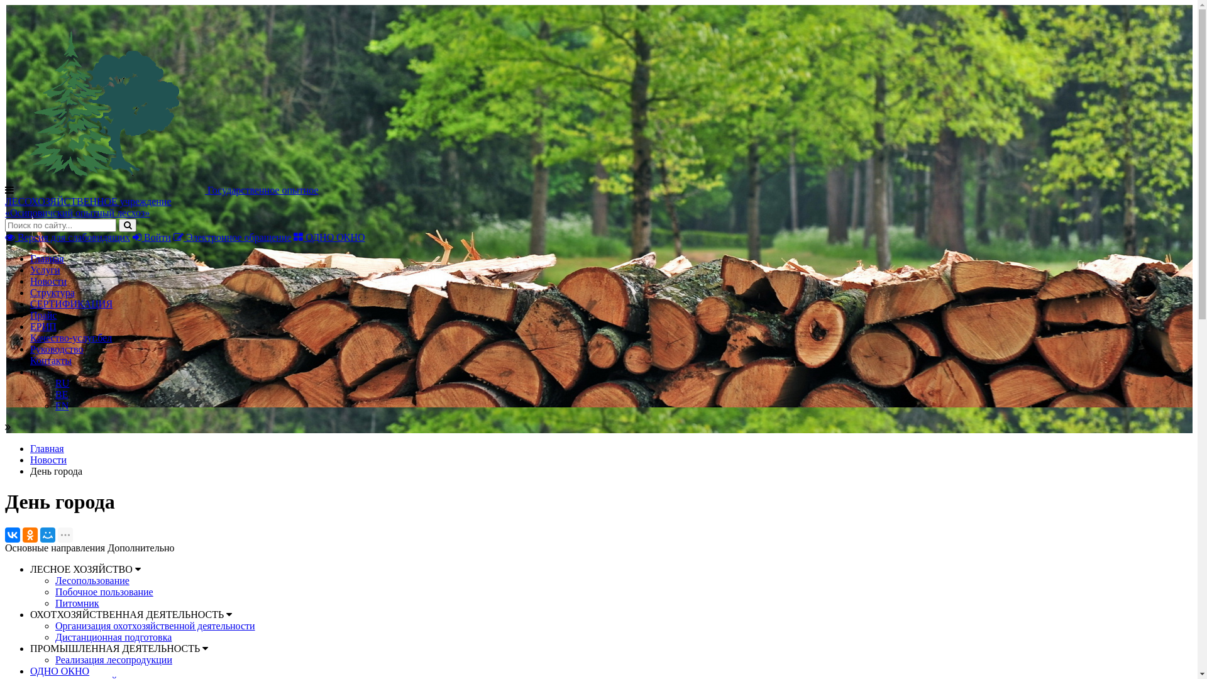 The width and height of the screenshot is (1207, 679). Describe the element at coordinates (60, 394) in the screenshot. I see `'BE'` at that location.